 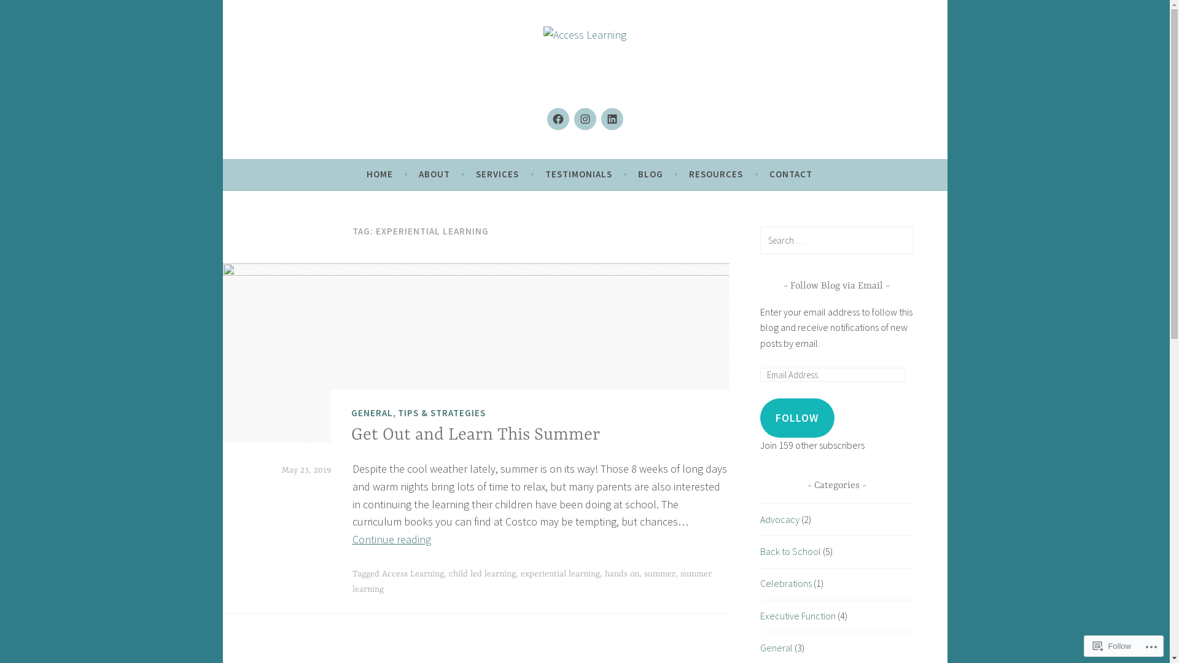 I want to click on 'FOLLOW', so click(x=798, y=417).